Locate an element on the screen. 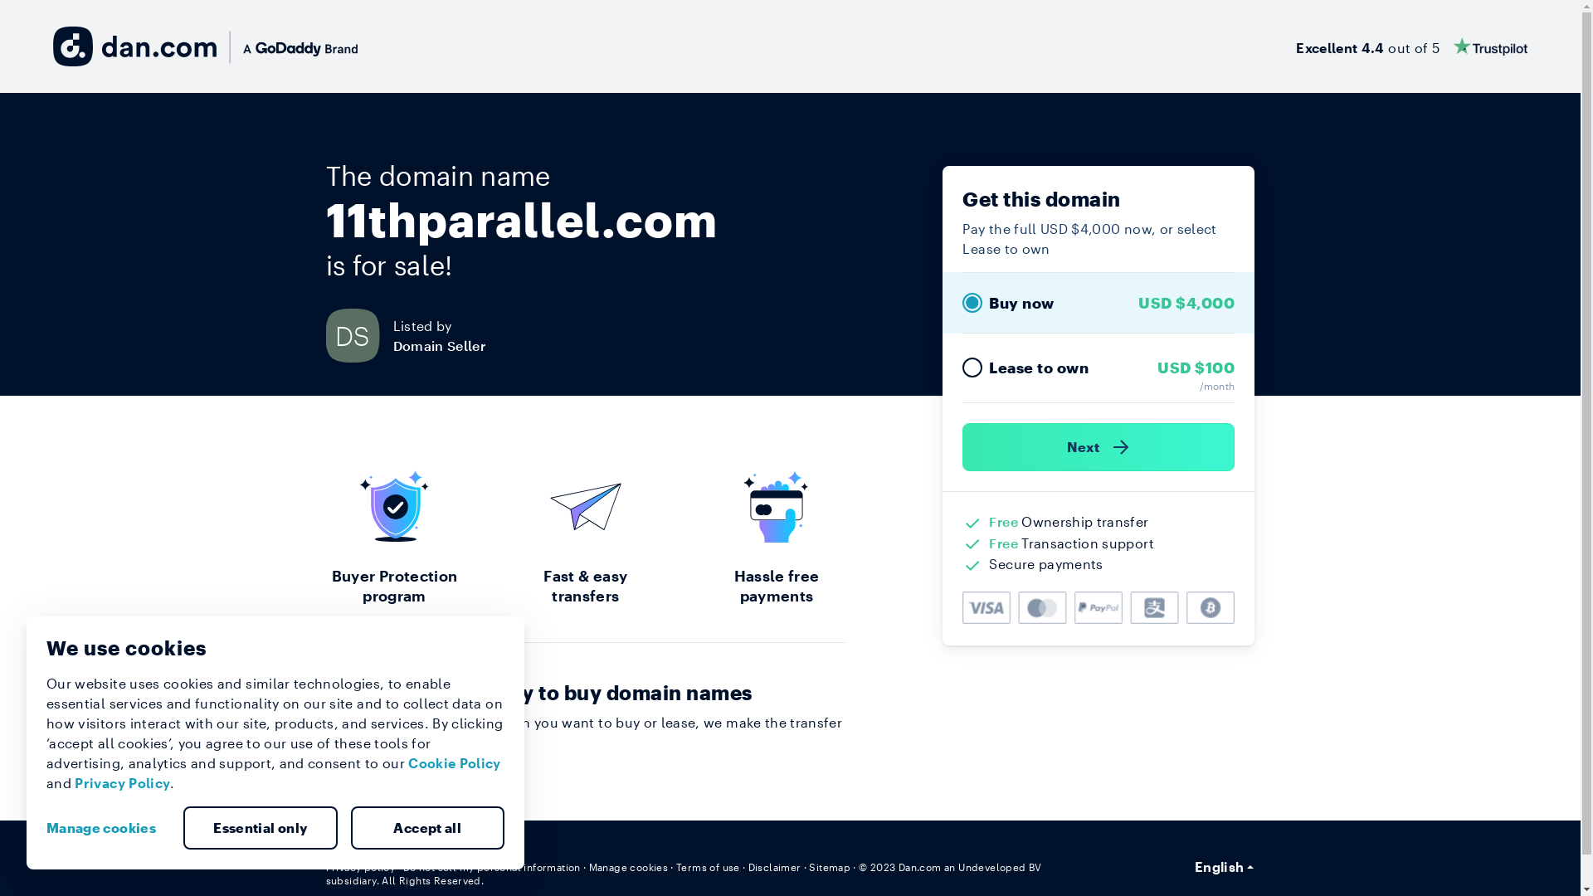  'Manage cookies' is located at coordinates (628, 866).